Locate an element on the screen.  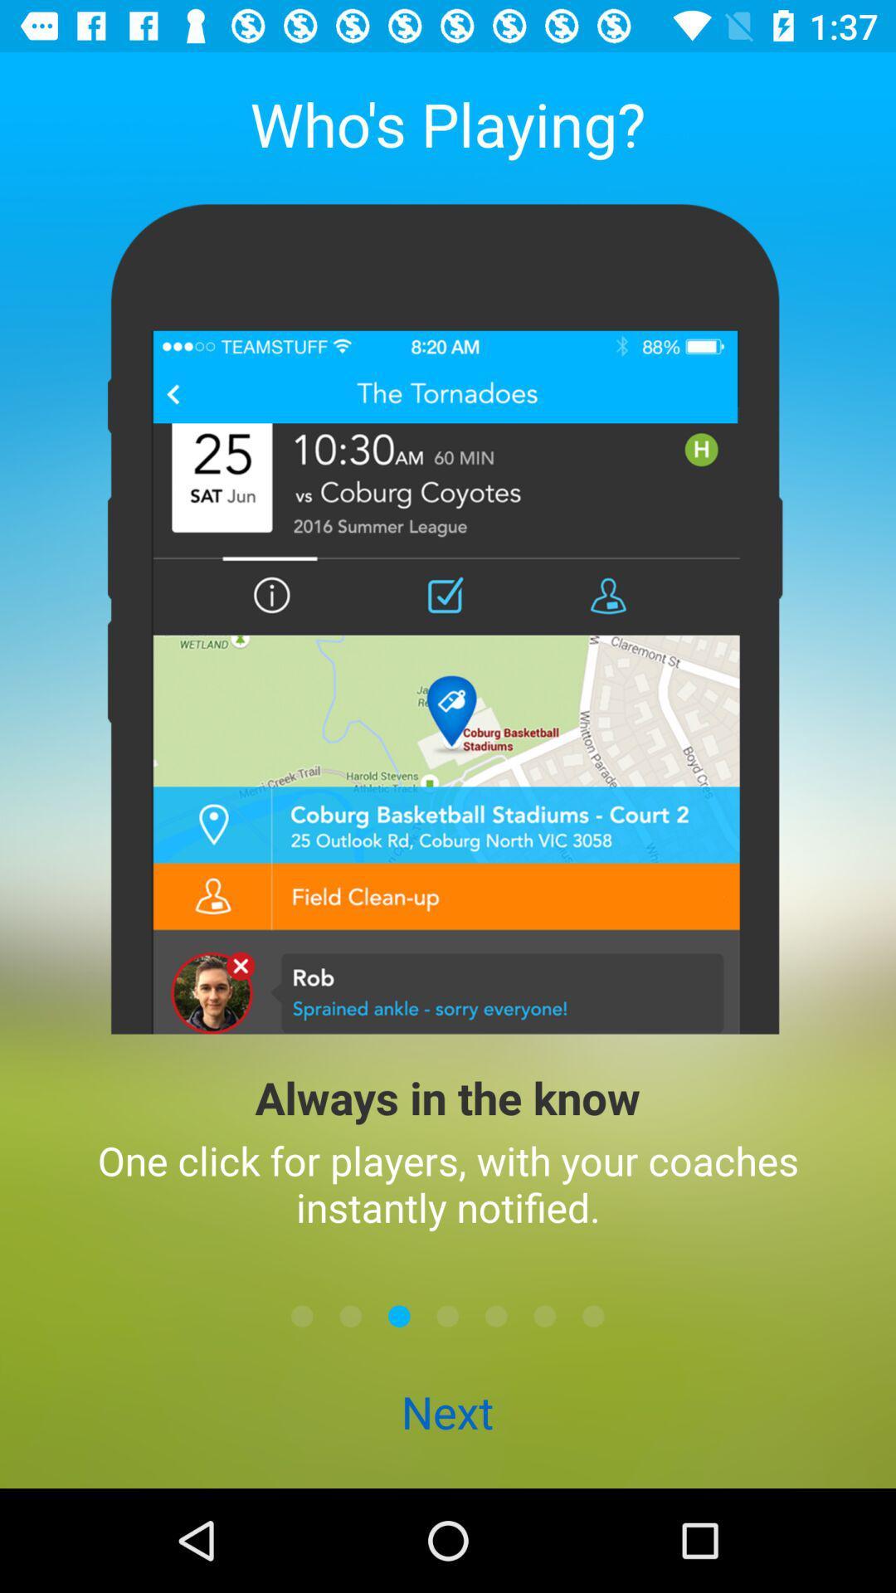
icon above next icon is located at coordinates (544, 1315).